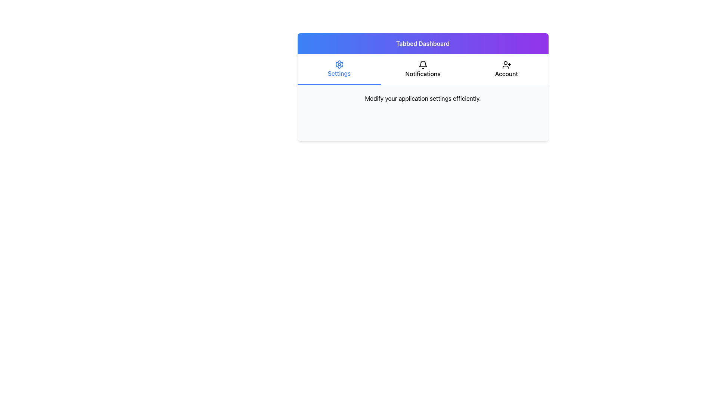 This screenshot has width=717, height=403. What do you see at coordinates (339, 64) in the screenshot?
I see `the gear-shaped icon representing the 'Settings' option in the tabbed navigation bar, located directly above the word 'Settings'` at bounding box center [339, 64].